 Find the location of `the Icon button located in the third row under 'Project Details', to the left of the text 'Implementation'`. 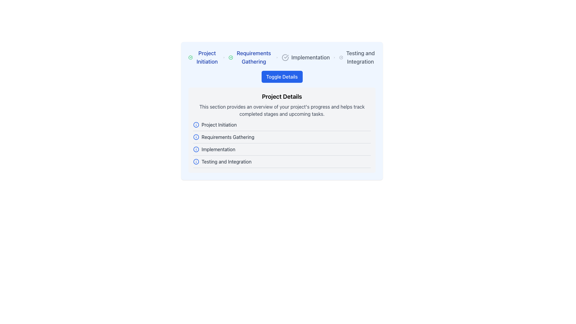

the Icon button located in the third row under 'Project Details', to the left of the text 'Implementation' is located at coordinates (196, 149).